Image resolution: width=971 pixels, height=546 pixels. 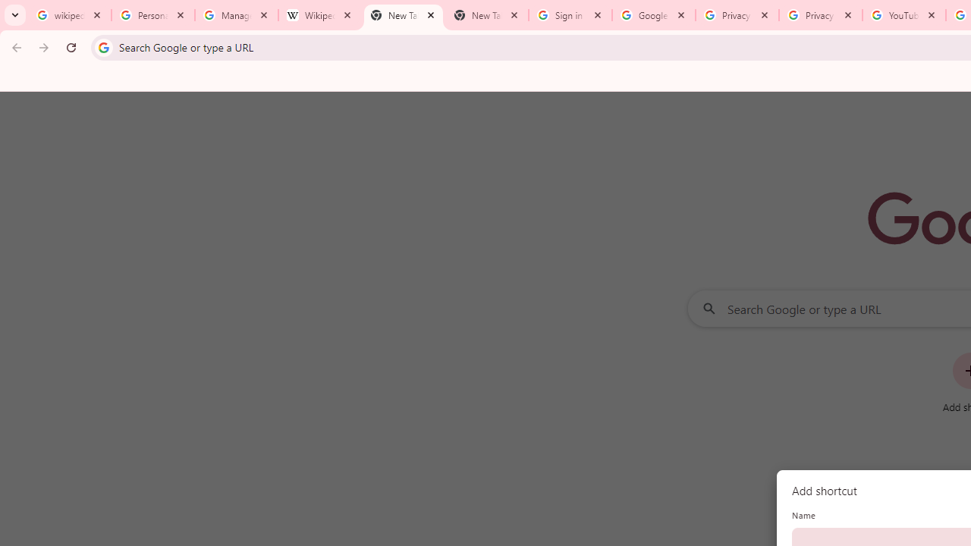 I want to click on 'New Tab', so click(x=487, y=15).